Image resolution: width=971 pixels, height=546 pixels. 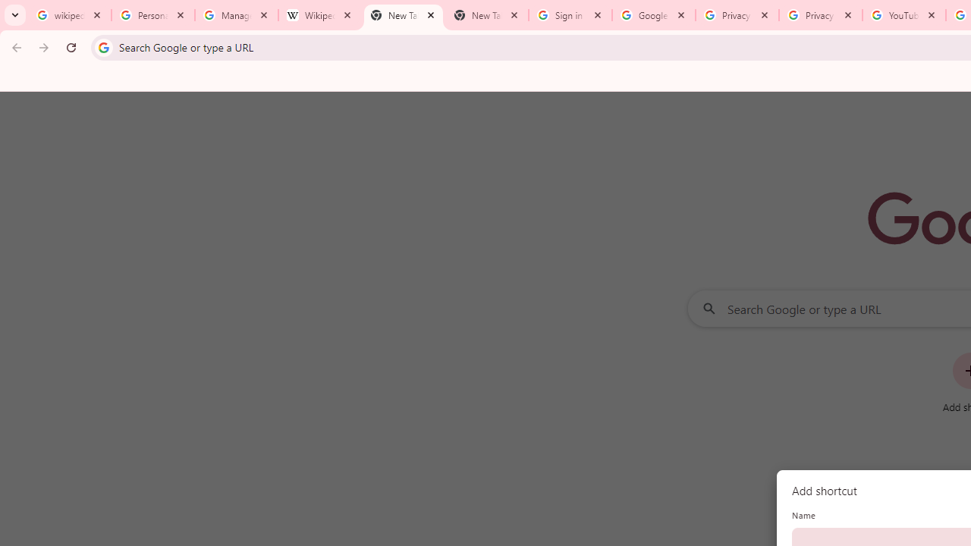 I want to click on 'New Tab', so click(x=487, y=15).